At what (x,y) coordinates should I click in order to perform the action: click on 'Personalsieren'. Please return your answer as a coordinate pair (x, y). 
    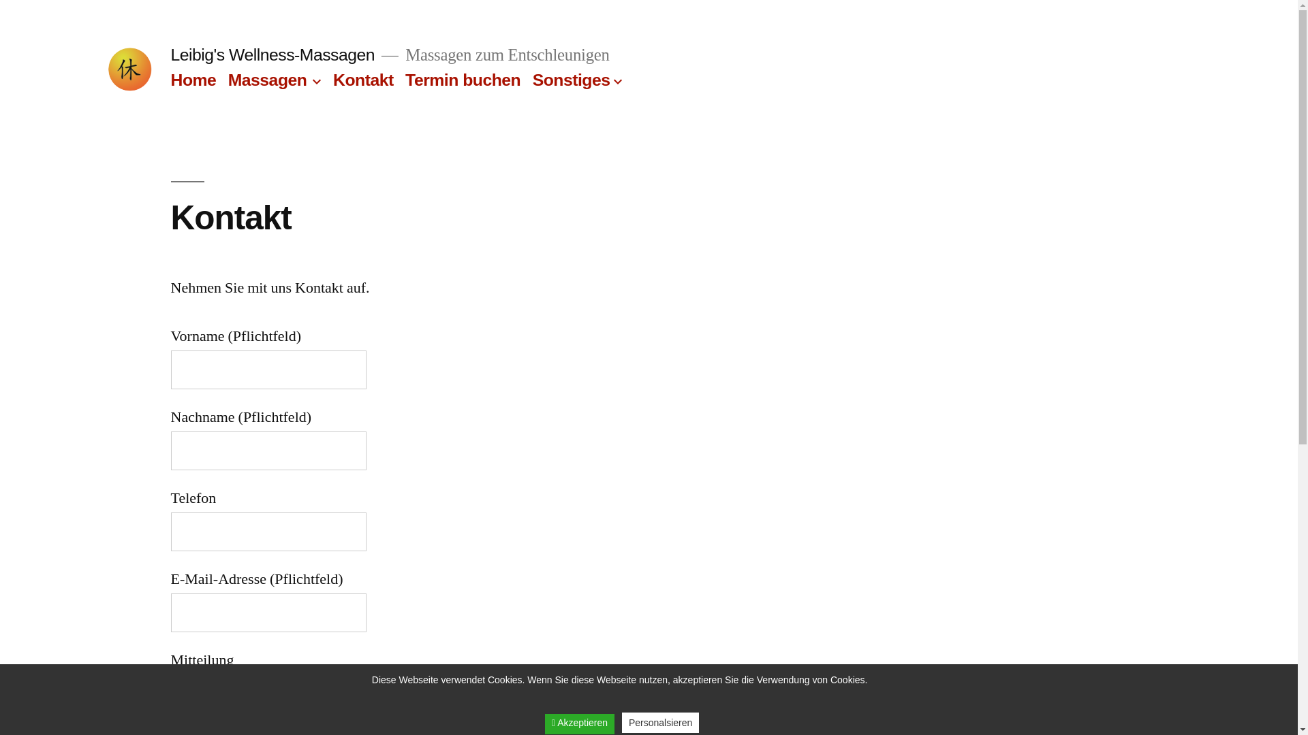
    Looking at the image, I should click on (660, 721).